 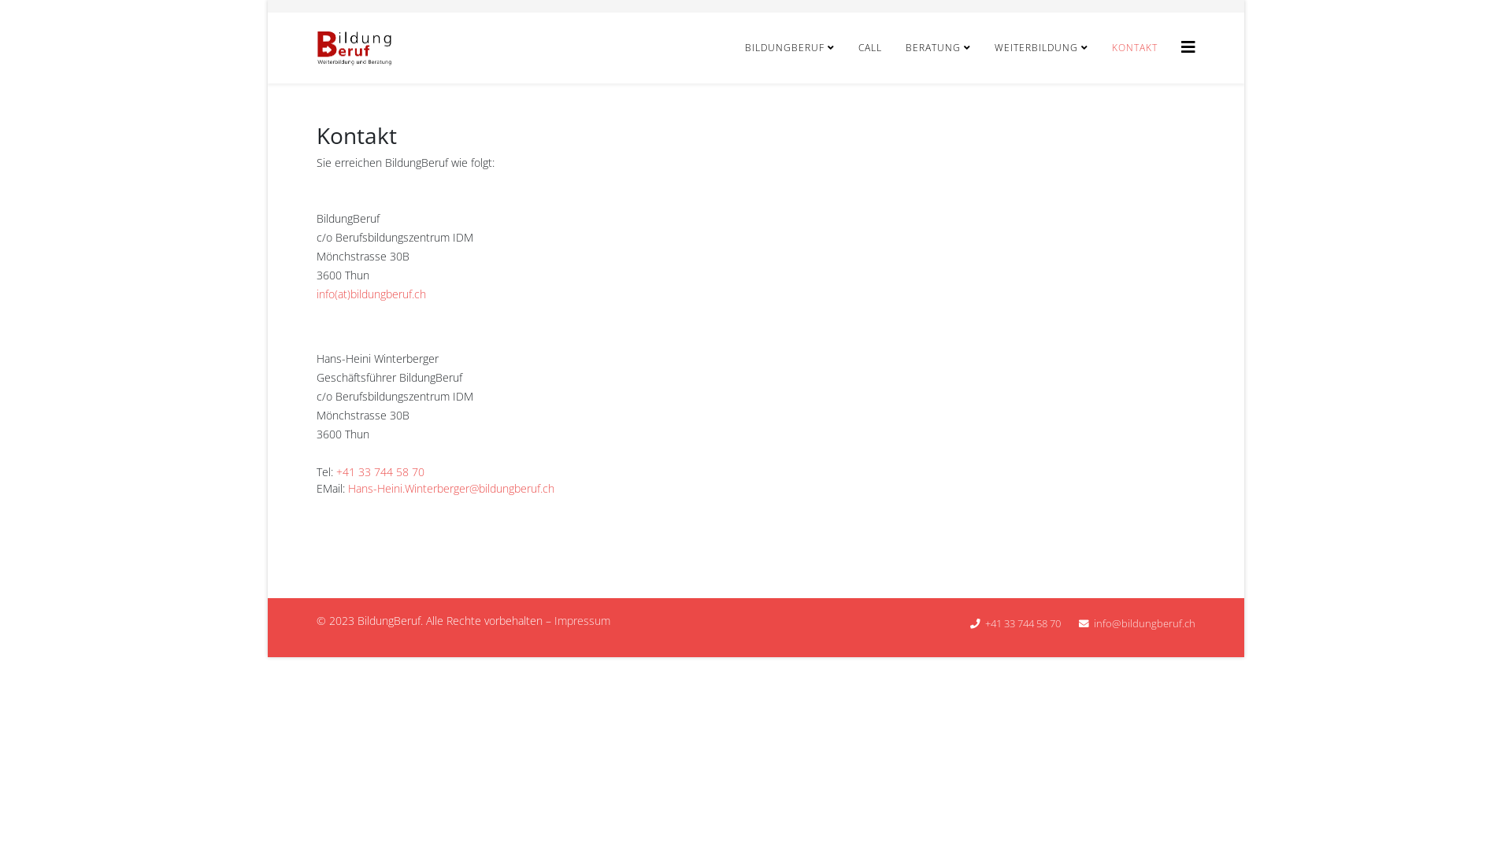 What do you see at coordinates (1099, 47) in the screenshot?
I see `'KONTAKT'` at bounding box center [1099, 47].